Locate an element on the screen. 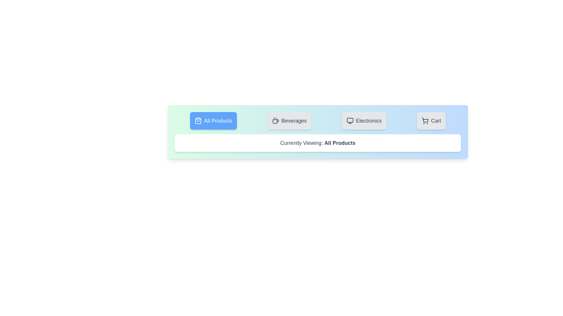 The image size is (563, 316). the tab corresponding to Beverages to switch to that product category is located at coordinates (289, 120).